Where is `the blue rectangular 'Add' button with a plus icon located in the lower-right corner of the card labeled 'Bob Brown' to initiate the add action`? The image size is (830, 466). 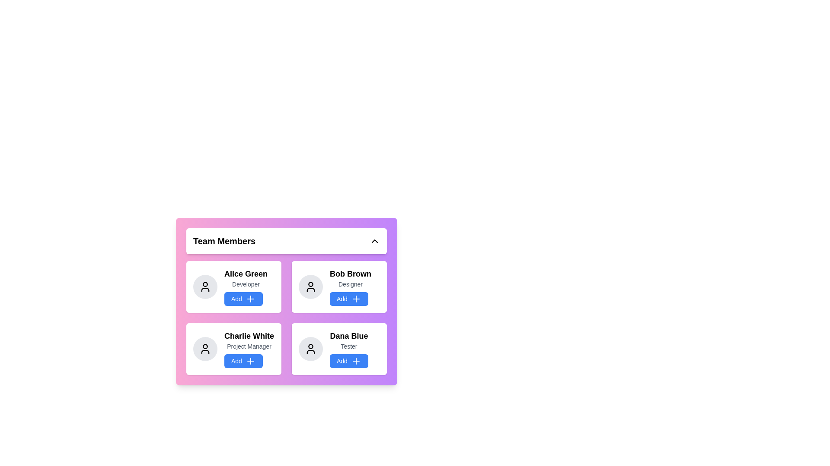 the blue rectangular 'Add' button with a plus icon located in the lower-right corner of the card labeled 'Bob Brown' to initiate the add action is located at coordinates (356, 299).